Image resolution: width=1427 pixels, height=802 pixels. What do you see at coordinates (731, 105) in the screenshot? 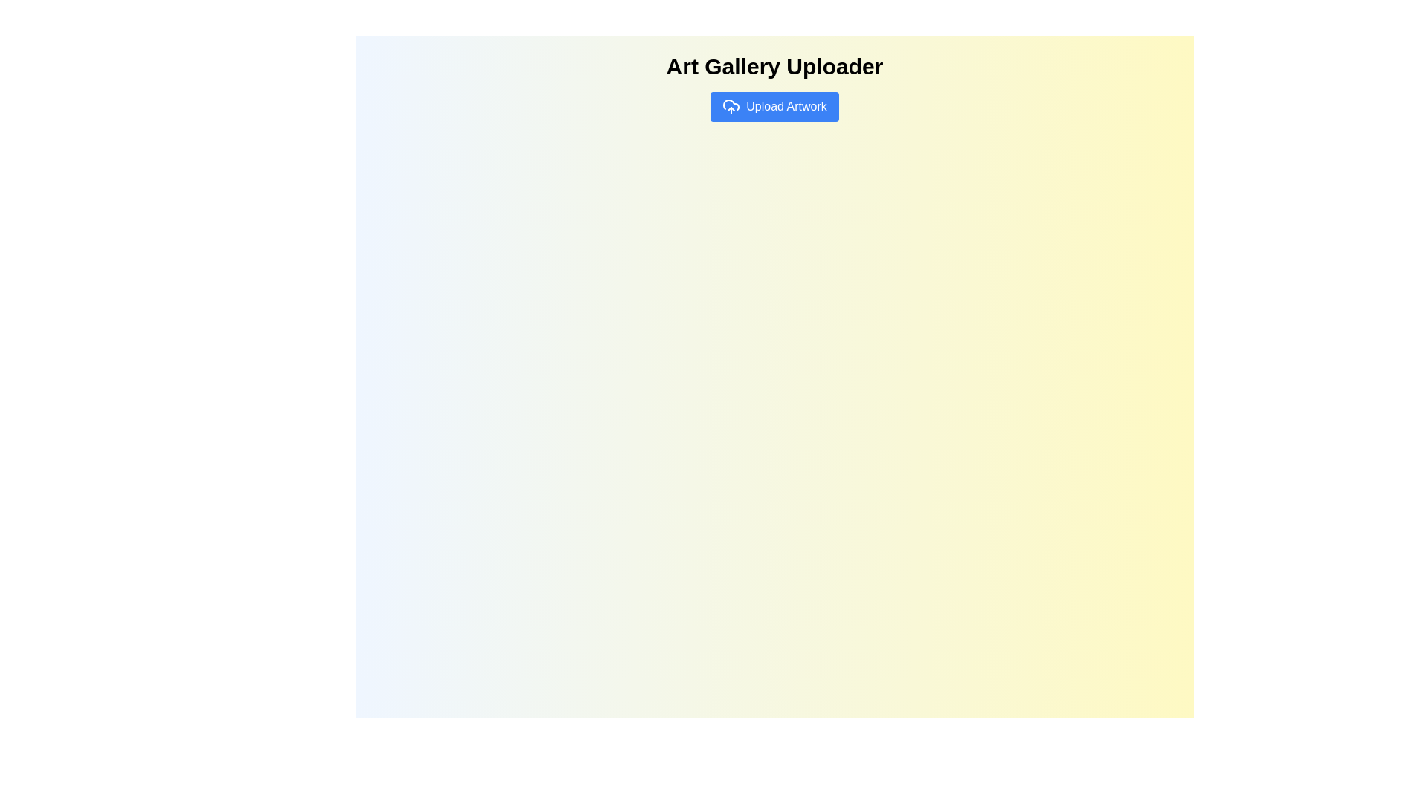
I see `the 'Upload Artwork' button that contains the upload SVG icon, which is aligned to the left of the button's text` at bounding box center [731, 105].